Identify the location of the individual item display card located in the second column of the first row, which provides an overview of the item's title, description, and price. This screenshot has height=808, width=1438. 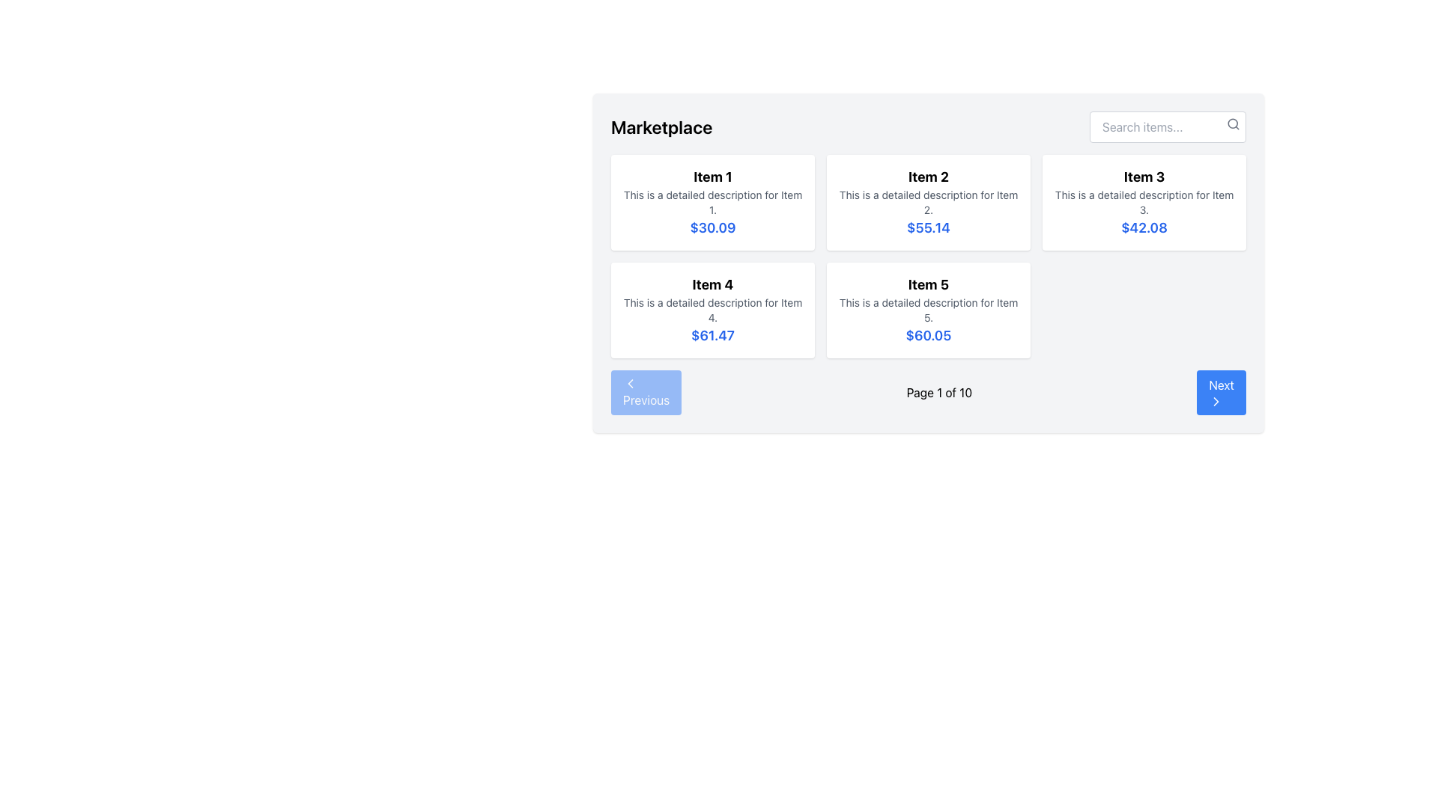
(927, 202).